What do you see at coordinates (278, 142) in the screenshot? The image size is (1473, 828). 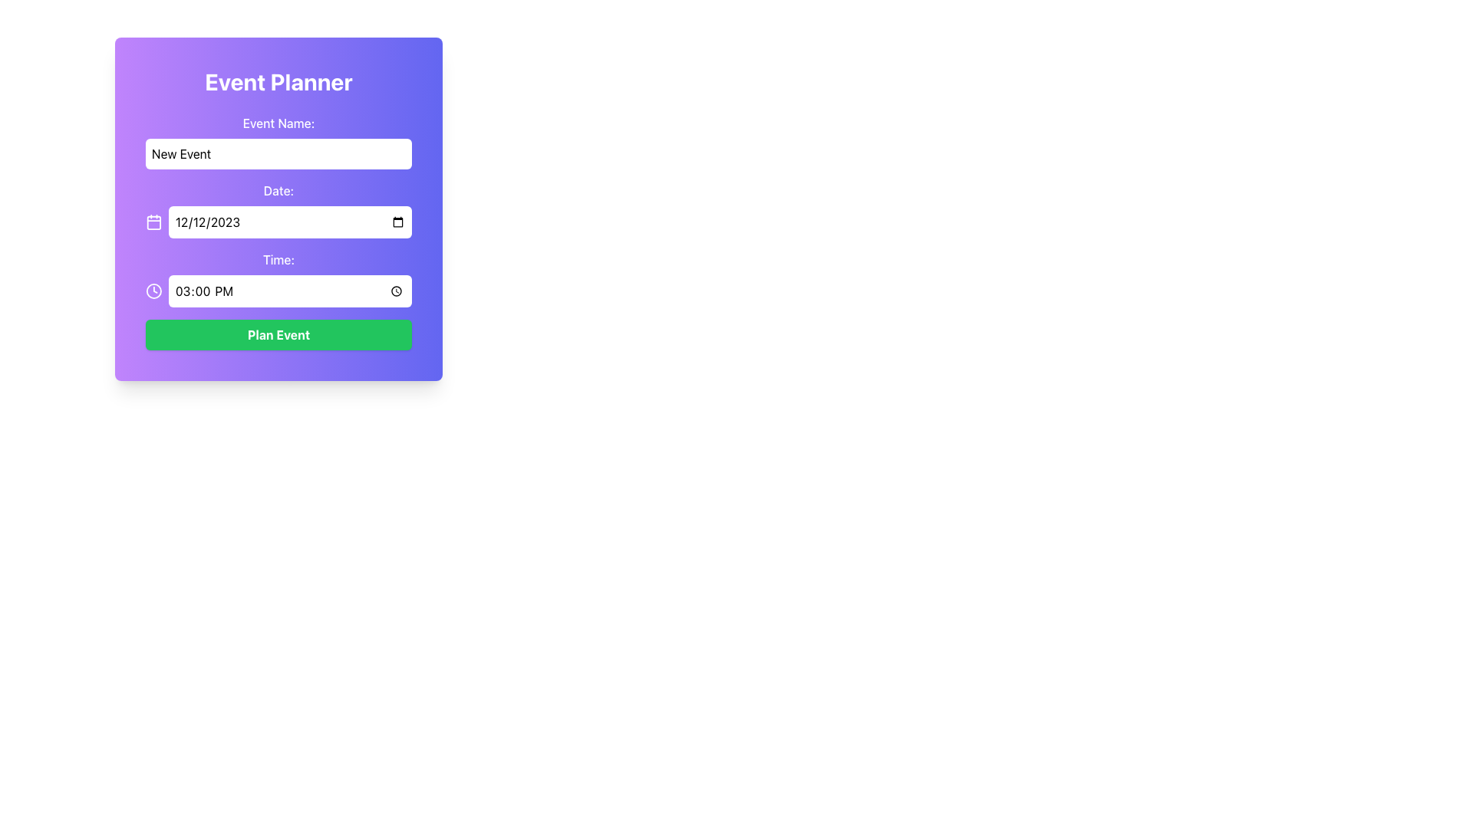 I see `the text input field for event name located below the 'Event Planner' heading to focus on it` at bounding box center [278, 142].